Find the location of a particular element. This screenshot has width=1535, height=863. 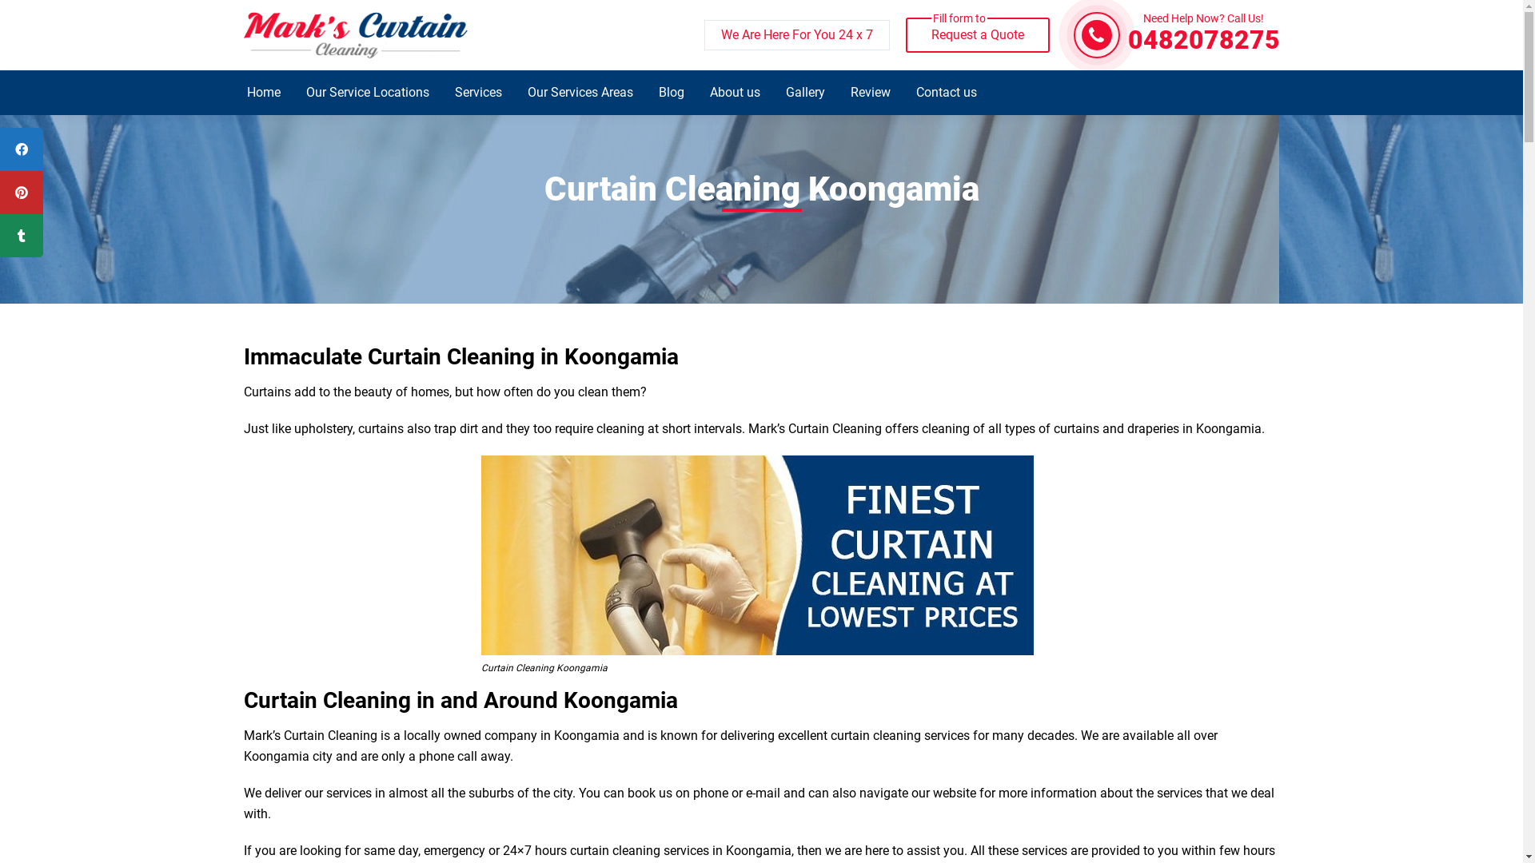

'Need Help Now? Call Us! is located at coordinates (1203, 34).